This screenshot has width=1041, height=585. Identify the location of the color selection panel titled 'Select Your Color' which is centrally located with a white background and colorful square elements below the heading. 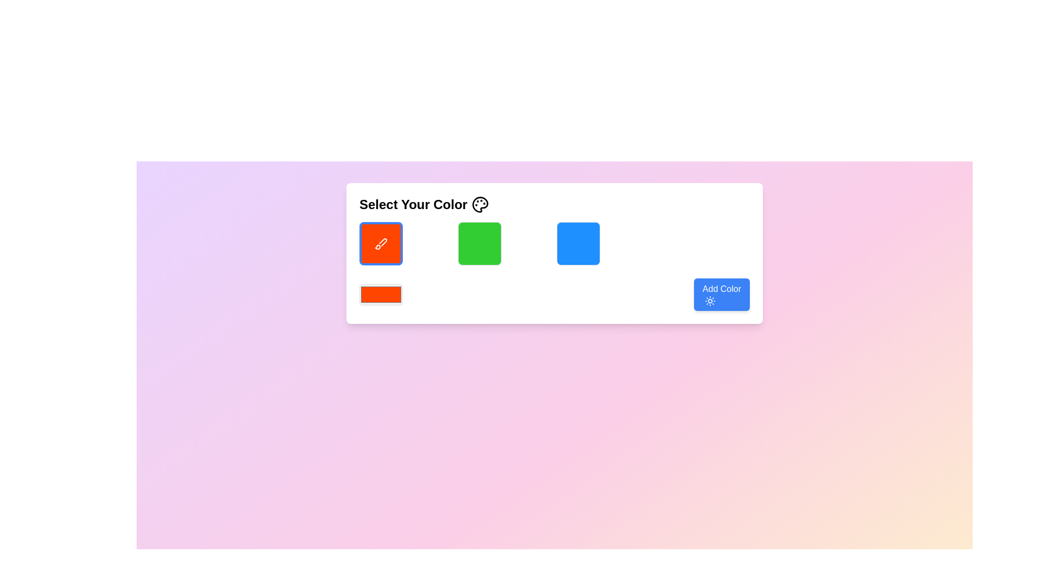
(554, 253).